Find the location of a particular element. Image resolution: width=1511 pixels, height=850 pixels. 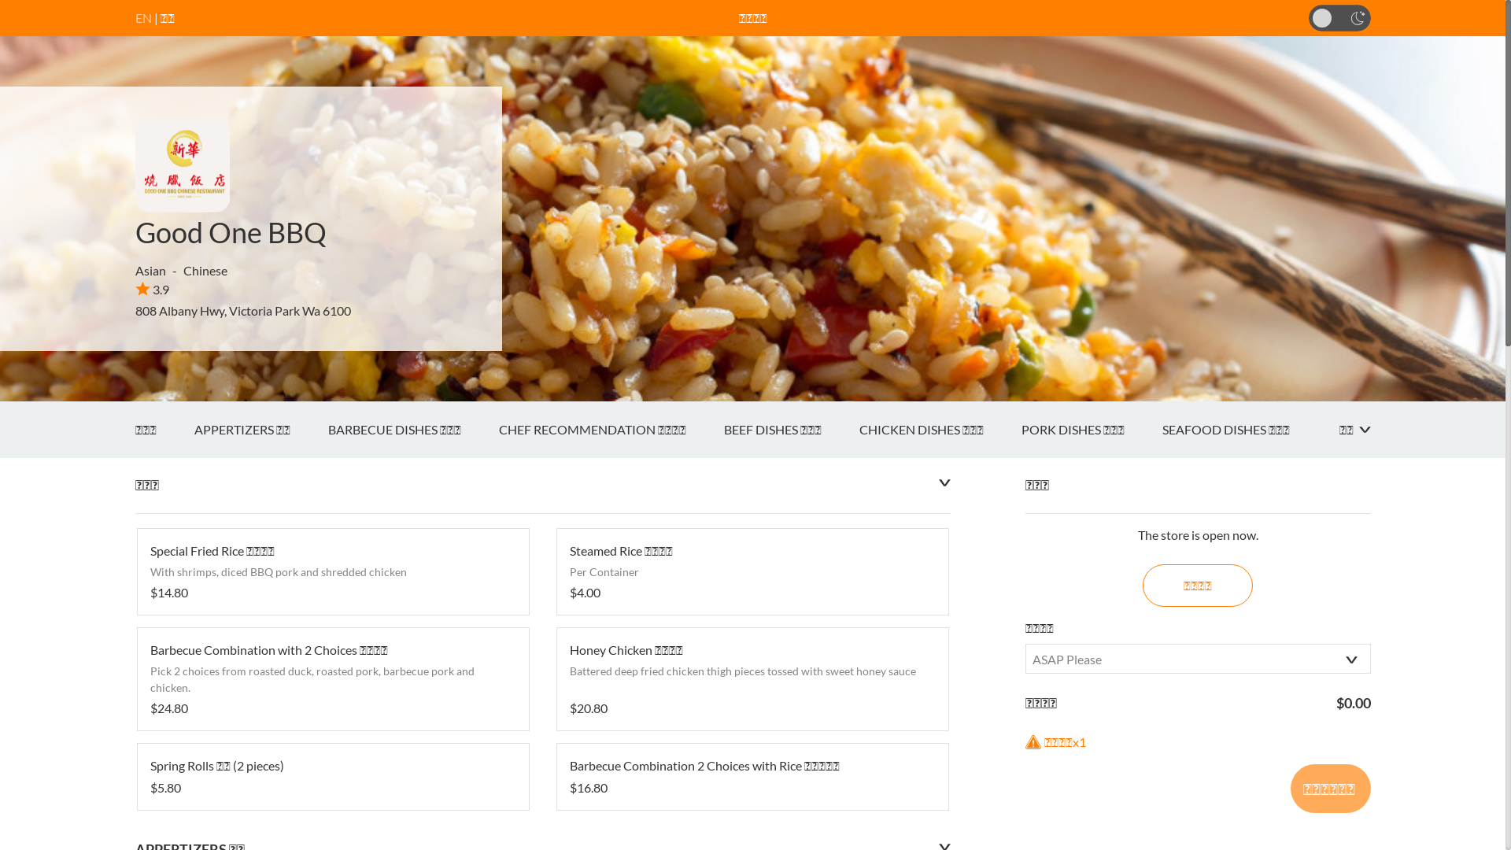

'EN' is located at coordinates (143, 17).